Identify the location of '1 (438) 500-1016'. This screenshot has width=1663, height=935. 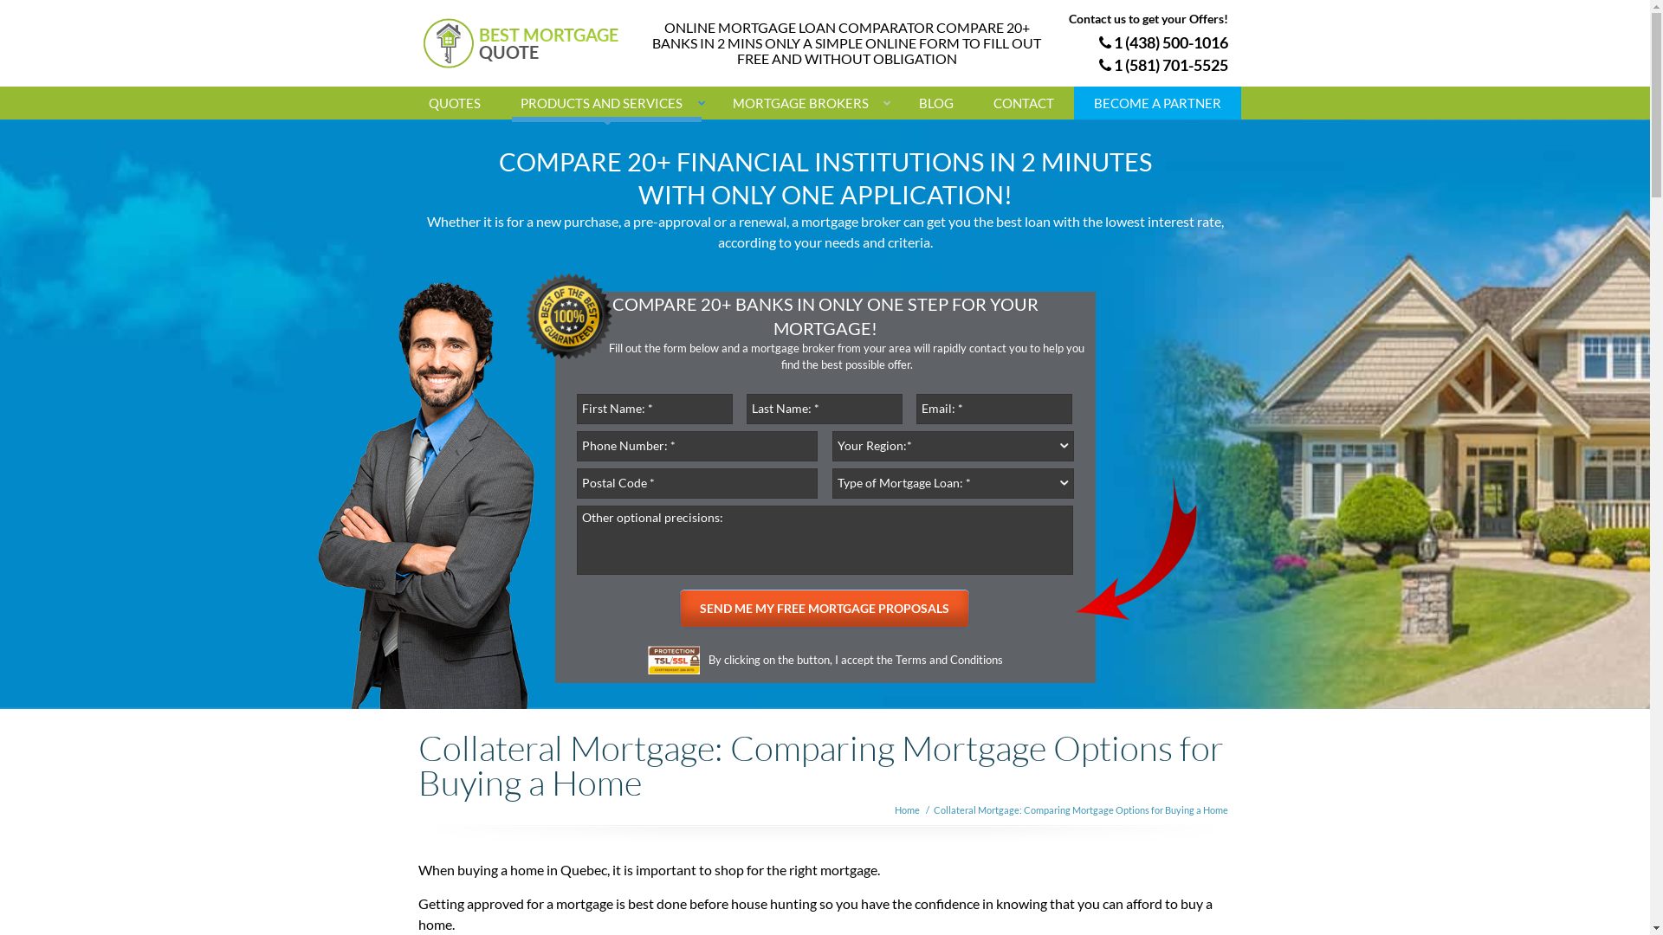
(1162, 42).